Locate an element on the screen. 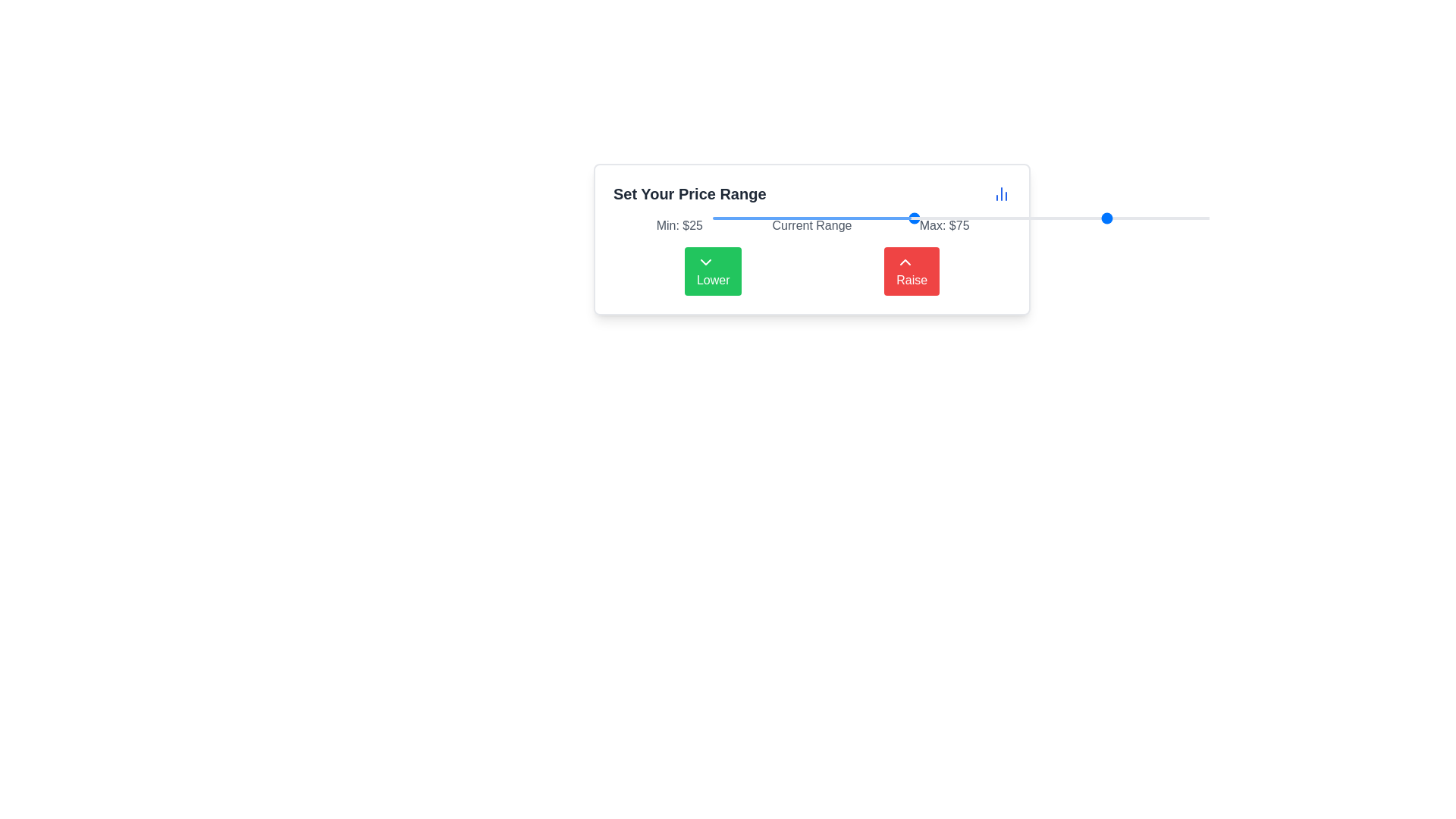 The width and height of the screenshot is (1456, 819). the button used to decrease the current value in the price adjustment interface, located to the left of the red 'Raise' button is located at coordinates (712, 271).